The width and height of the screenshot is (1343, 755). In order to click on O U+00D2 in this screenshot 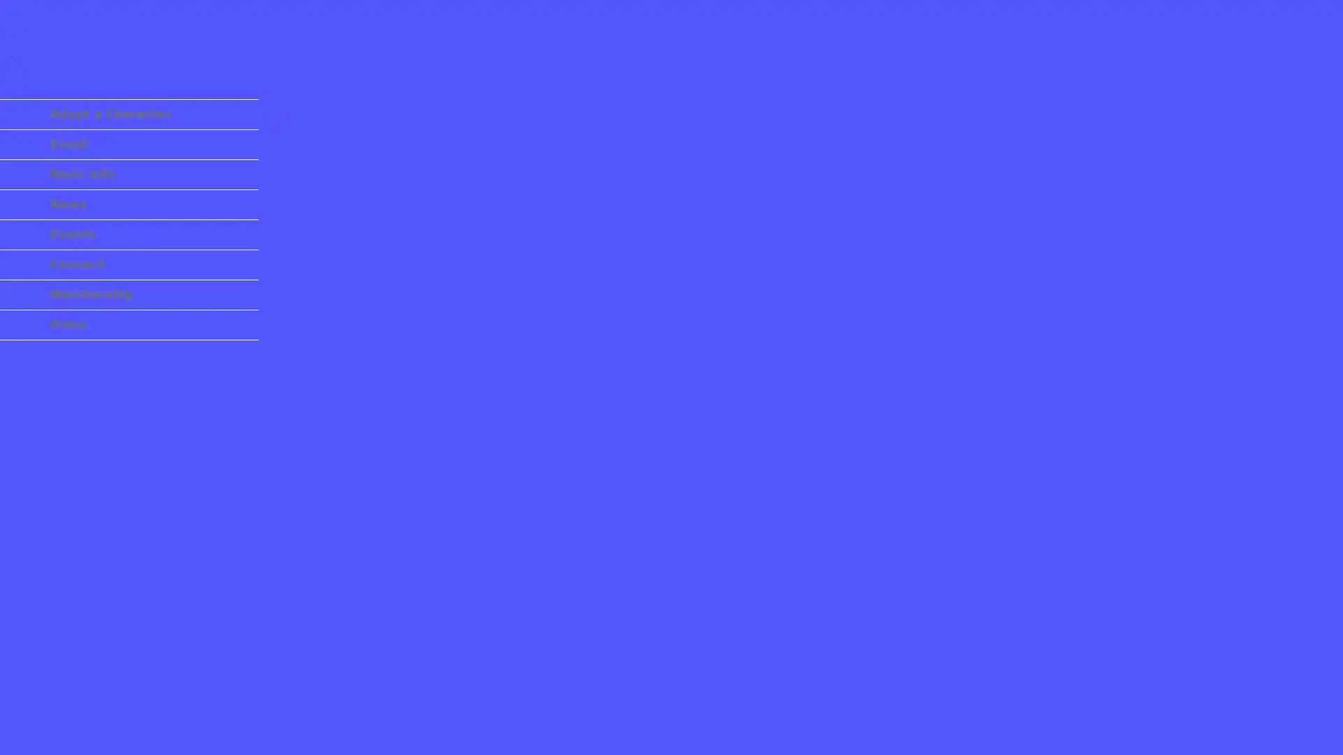, I will do `click(307, 269)`.